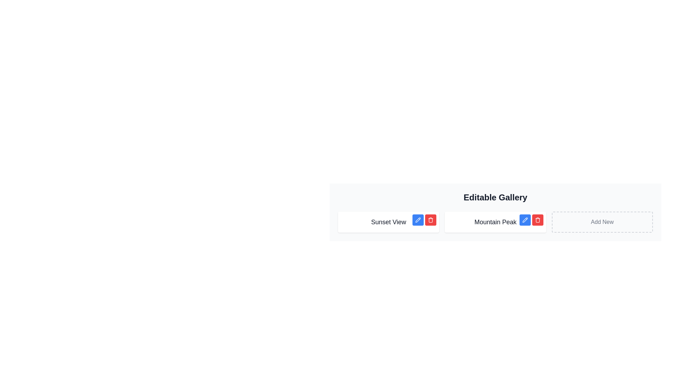 The width and height of the screenshot is (674, 379). What do you see at coordinates (537, 220) in the screenshot?
I see `the delete icon button with a red background and white text located to the right of the 'Mountain Peak' label` at bounding box center [537, 220].